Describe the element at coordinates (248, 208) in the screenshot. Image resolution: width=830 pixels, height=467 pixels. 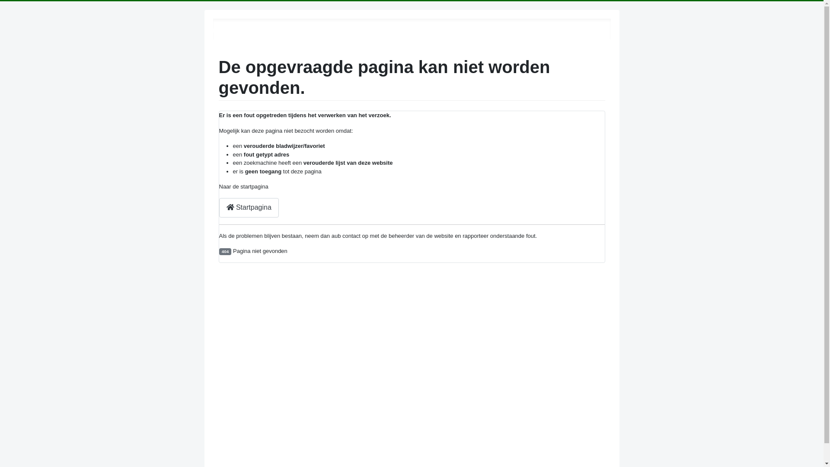
I see `'Startpagina'` at that location.